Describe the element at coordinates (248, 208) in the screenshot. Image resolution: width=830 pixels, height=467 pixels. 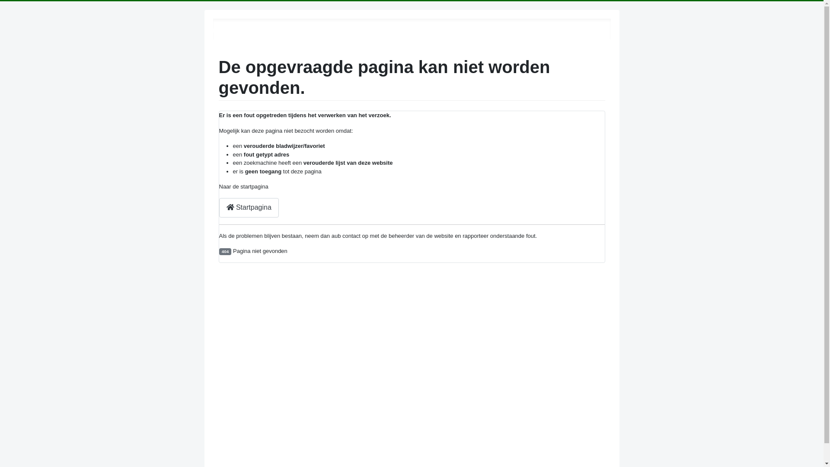
I see `'Startpagina'` at that location.